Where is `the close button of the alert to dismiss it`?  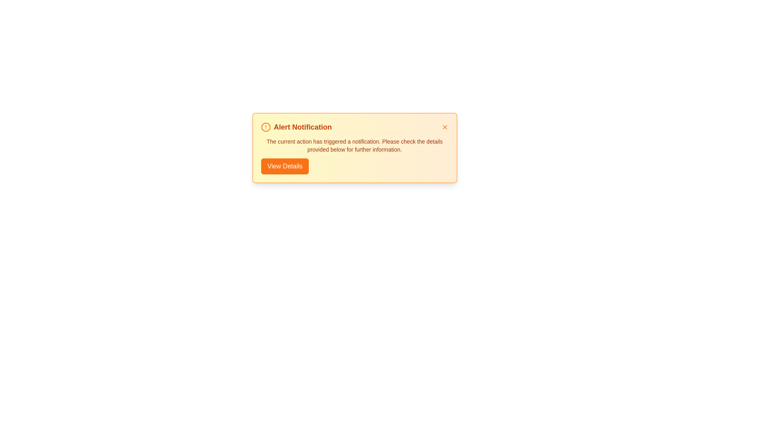 the close button of the alert to dismiss it is located at coordinates (444, 126).